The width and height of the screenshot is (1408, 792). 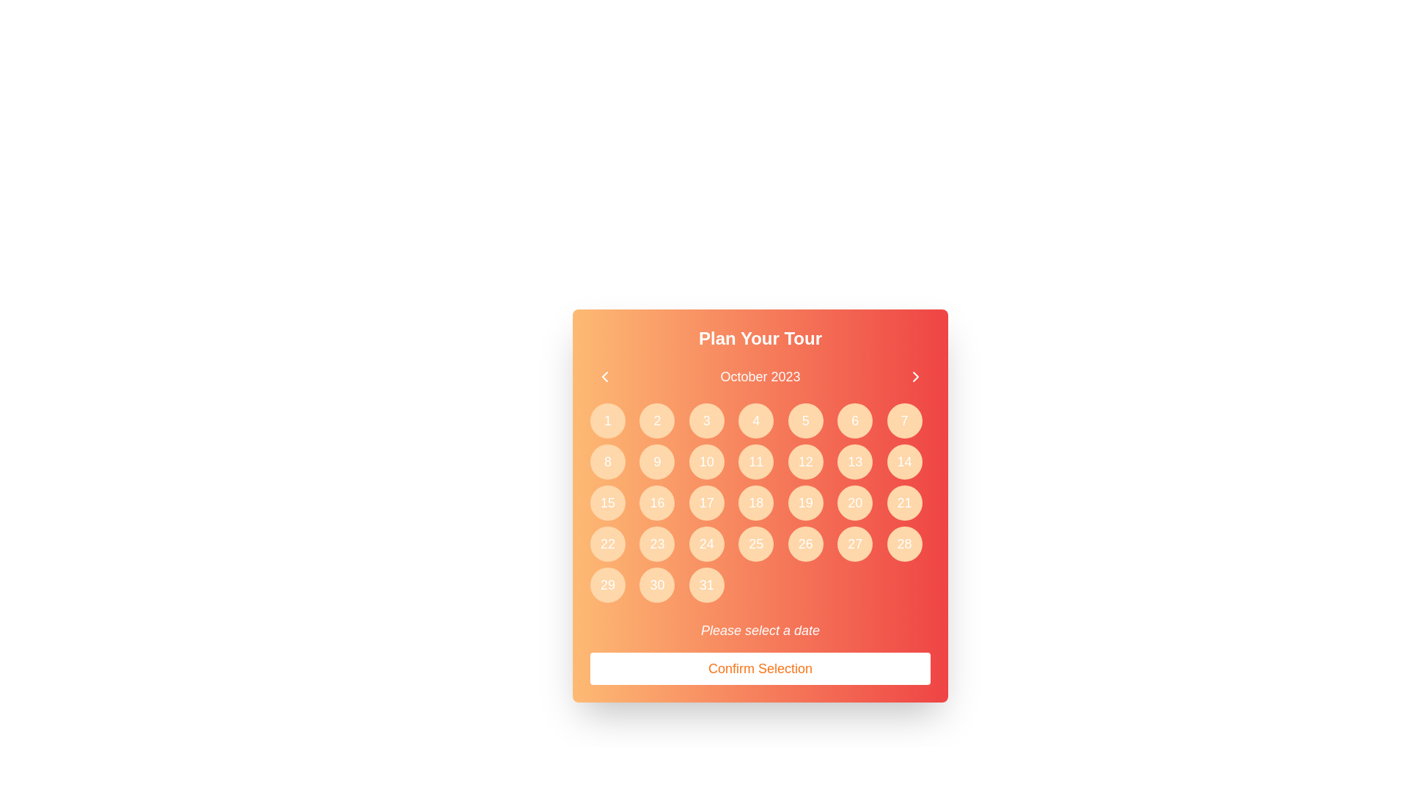 What do you see at coordinates (656, 543) in the screenshot?
I see `the date selection button located in the fourth row and second column of the calendar view` at bounding box center [656, 543].